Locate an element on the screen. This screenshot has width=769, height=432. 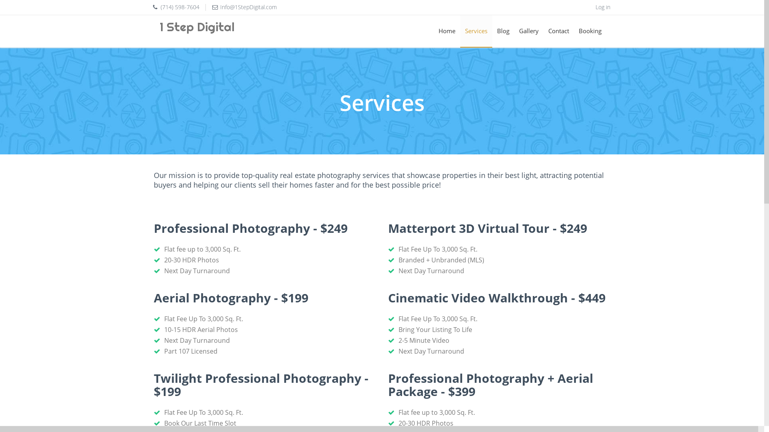
'1 Step Digital' is located at coordinates (211, 30).